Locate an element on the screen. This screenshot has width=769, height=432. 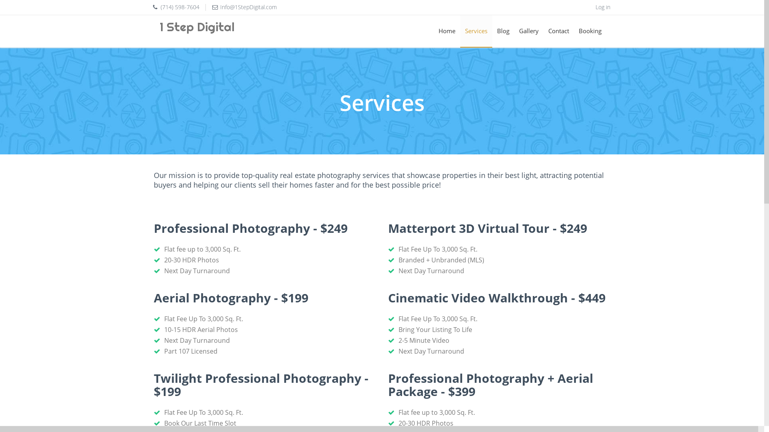
'1 Step Digital' is located at coordinates (211, 30).